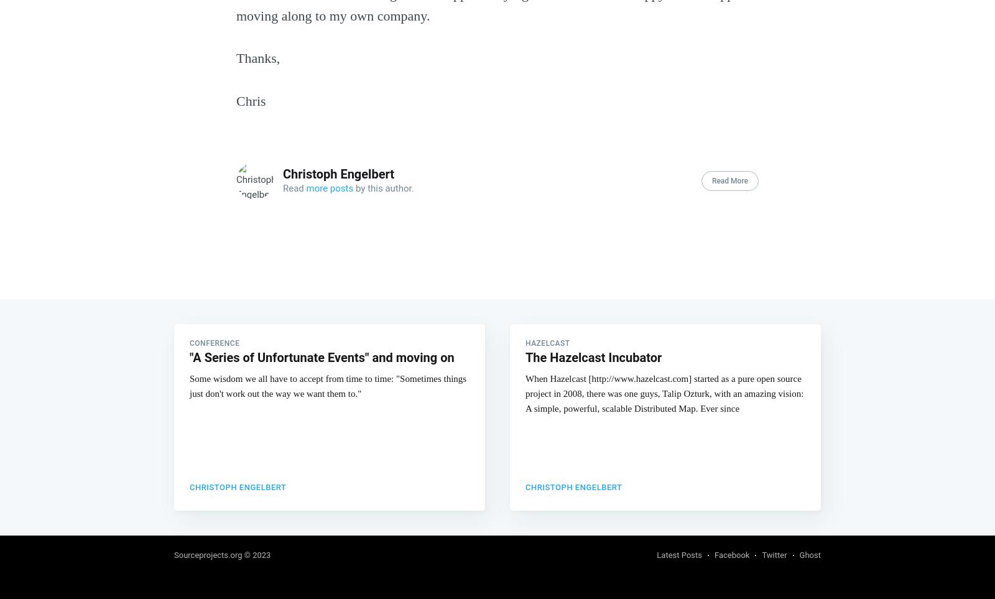  What do you see at coordinates (282, 187) in the screenshot?
I see `'Read'` at bounding box center [282, 187].